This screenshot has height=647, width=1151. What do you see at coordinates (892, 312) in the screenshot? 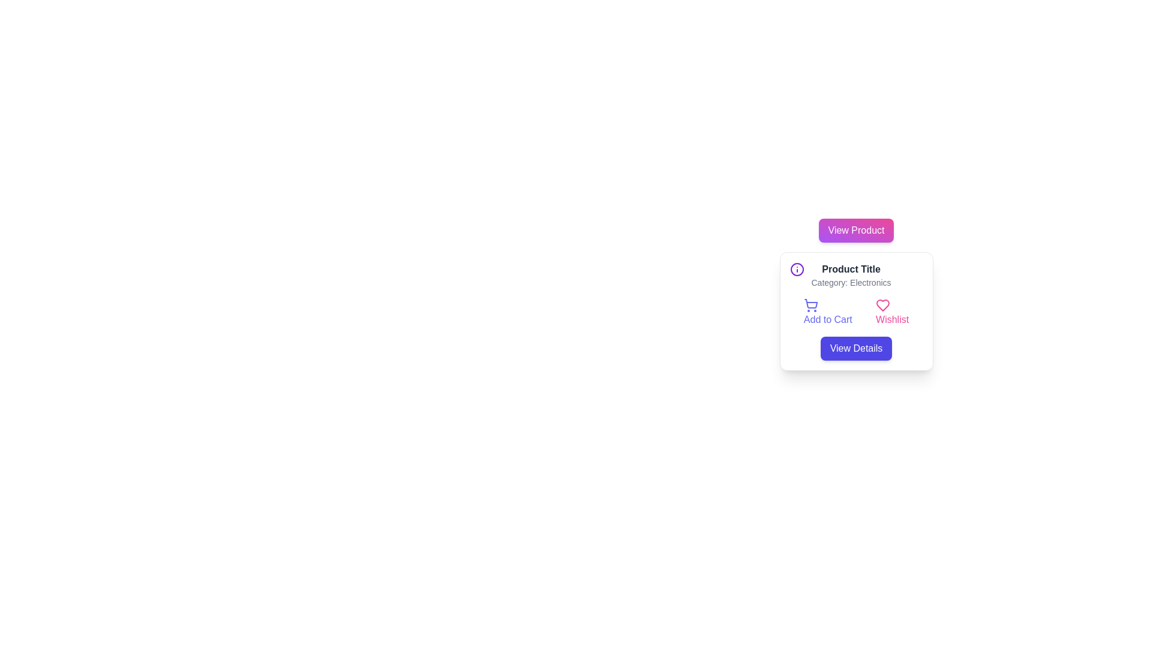
I see `the heart icon button labeled 'Wishlist' located in the bottom section of the card, adjacent to the 'Add to Cart' button` at bounding box center [892, 312].